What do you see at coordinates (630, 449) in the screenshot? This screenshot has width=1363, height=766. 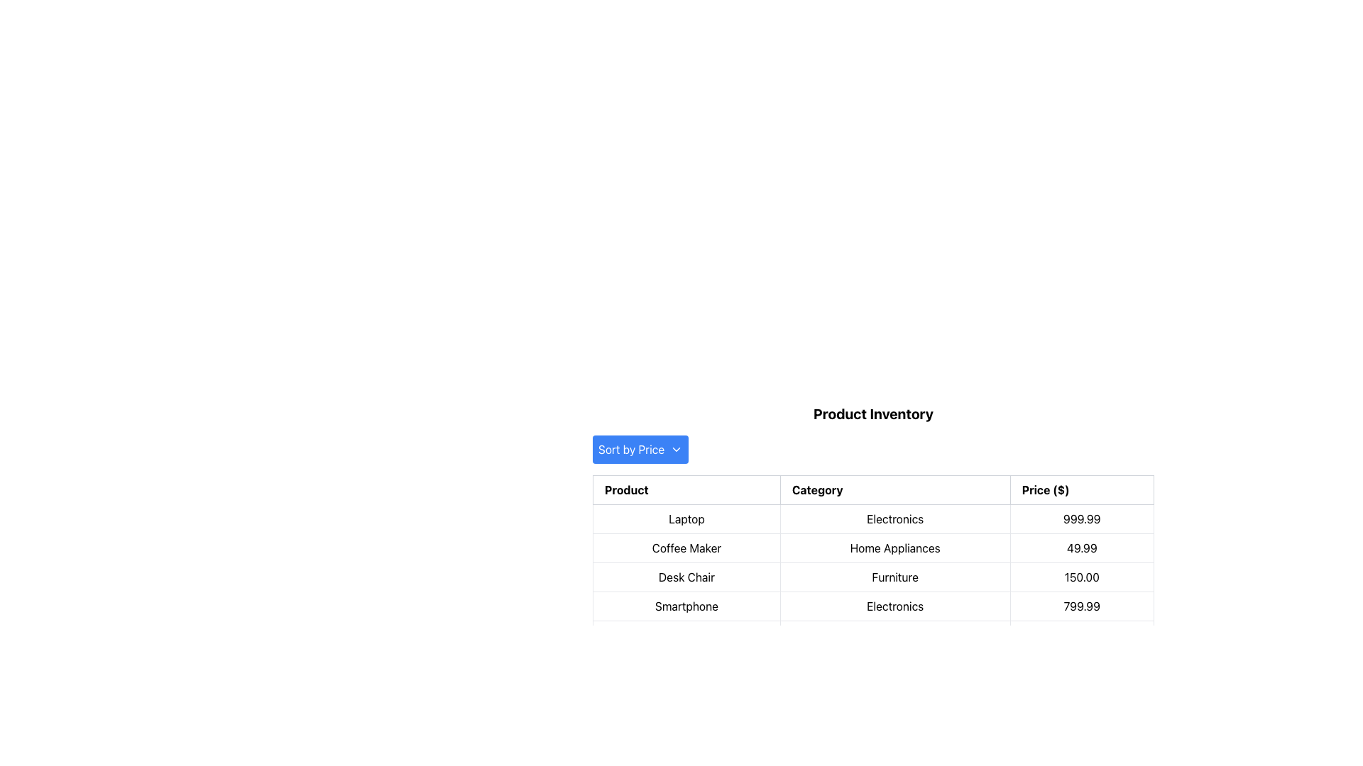 I see `'Sort by Price' text label styled in white on a blue background, which is part of a button-like UI component located above the 'Product Inventory' table` at bounding box center [630, 449].